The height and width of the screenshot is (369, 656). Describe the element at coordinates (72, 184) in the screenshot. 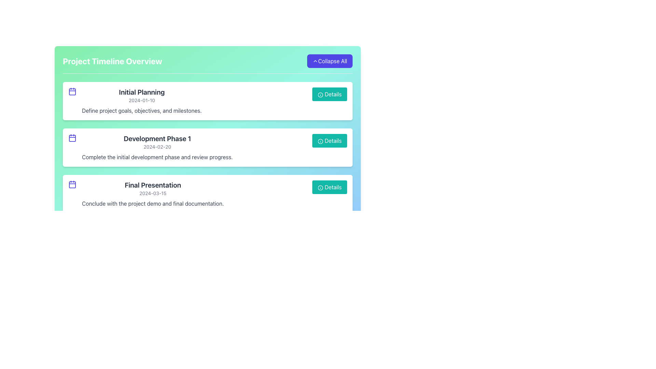

I see `the calendar event representation in the SVG graphic that signifies a day or event, located to the left of the 'Final Presentation' entry` at that location.